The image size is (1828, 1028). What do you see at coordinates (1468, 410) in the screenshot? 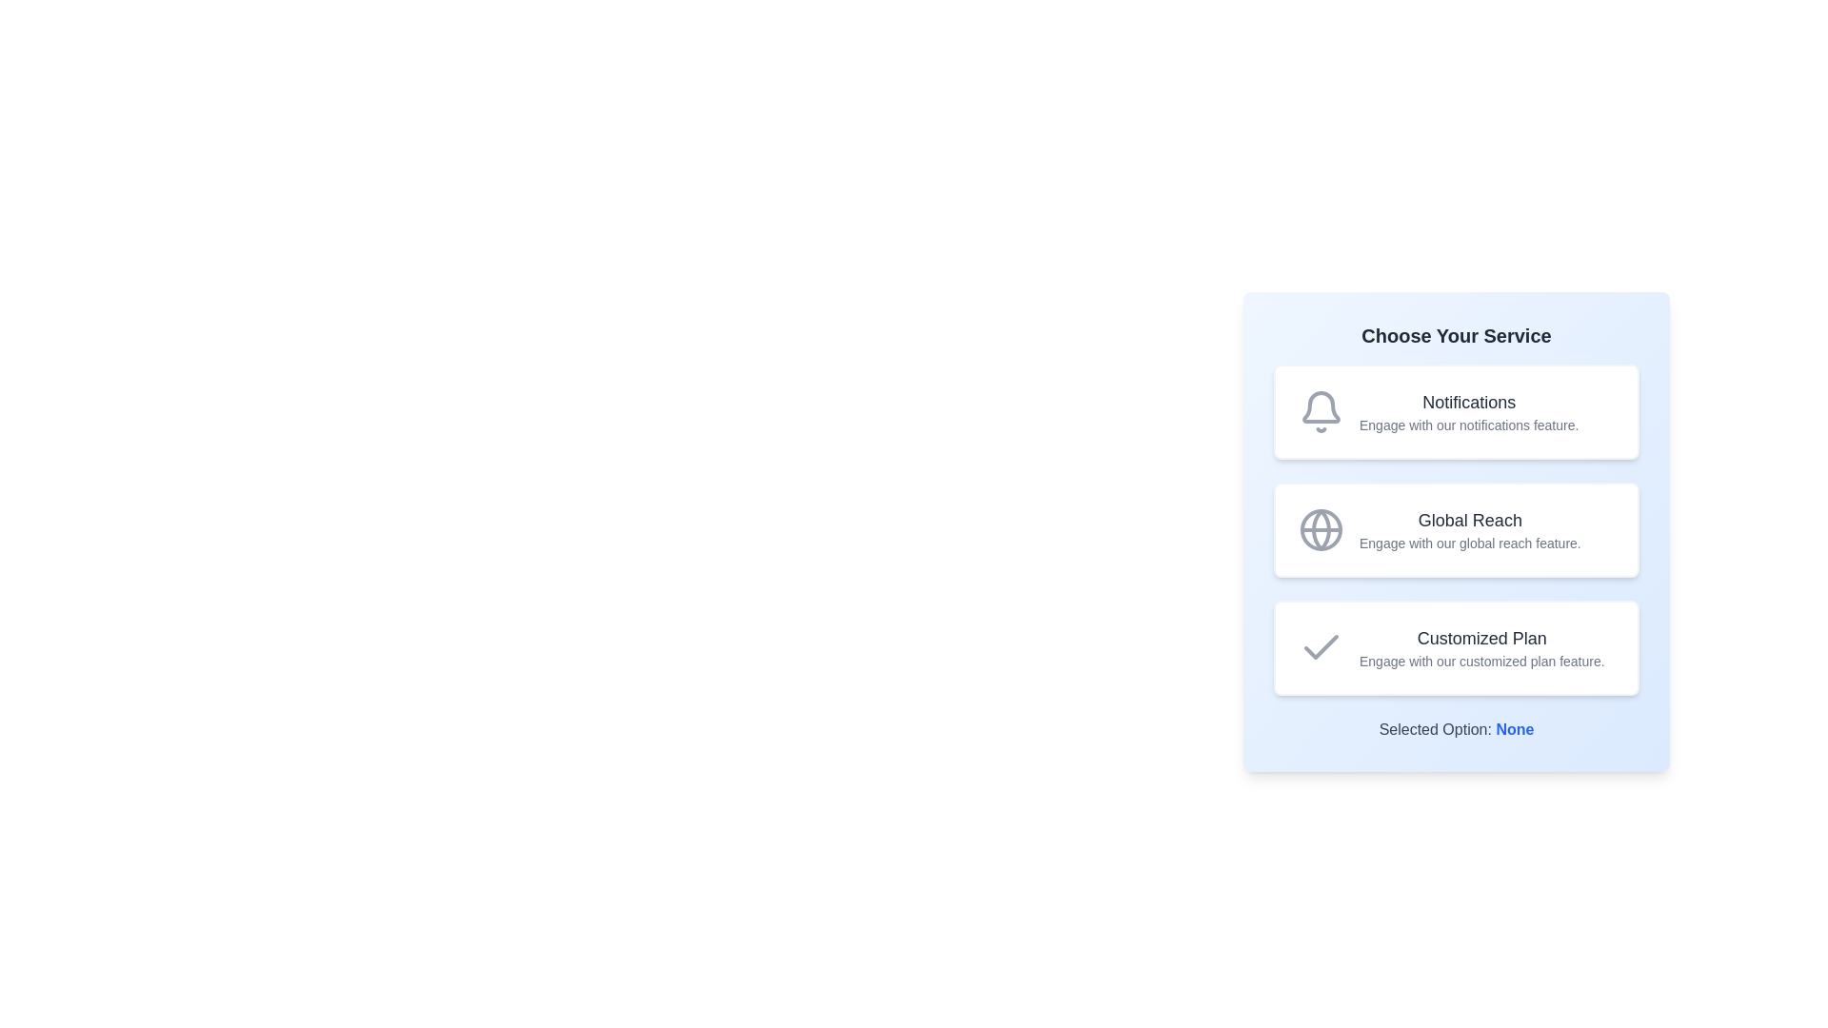
I see `the static text label 'Notifications' which is part of a selectable card in the central right section of the interface` at bounding box center [1468, 410].